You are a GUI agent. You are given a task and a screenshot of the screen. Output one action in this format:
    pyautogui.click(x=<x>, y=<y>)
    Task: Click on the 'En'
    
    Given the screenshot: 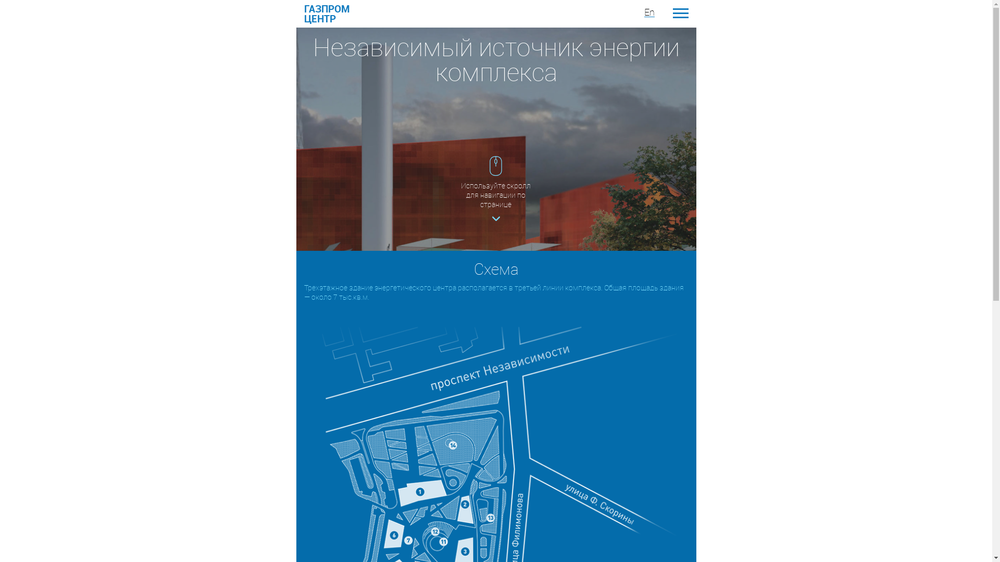 What is the action you would take?
    pyautogui.click(x=648, y=12)
    